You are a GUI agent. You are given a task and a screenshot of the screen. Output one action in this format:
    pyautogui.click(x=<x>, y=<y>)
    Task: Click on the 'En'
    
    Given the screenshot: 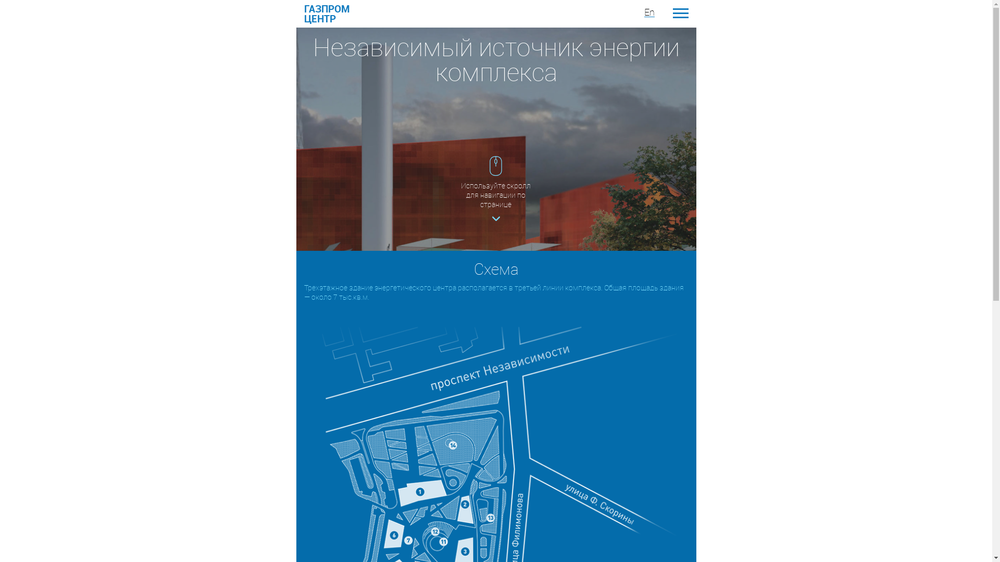 What is the action you would take?
    pyautogui.click(x=648, y=12)
    